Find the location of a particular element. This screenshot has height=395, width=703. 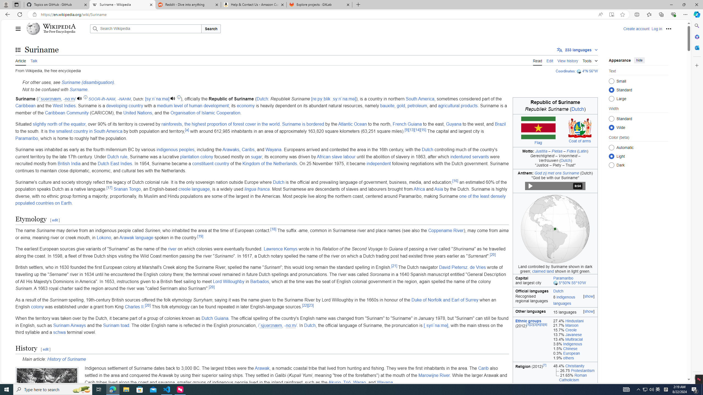

'South America' is located at coordinates (420, 99).